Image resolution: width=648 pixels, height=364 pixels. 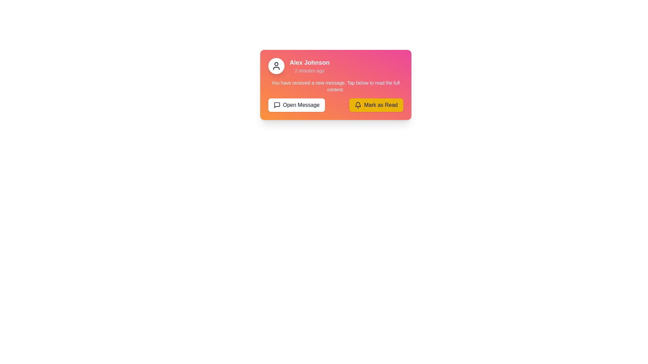 What do you see at coordinates (309, 70) in the screenshot?
I see `the text label that reads '2 minutes ago', styled in muted gray and positioned below the 'Alex Johnson' label within a notification card` at bounding box center [309, 70].